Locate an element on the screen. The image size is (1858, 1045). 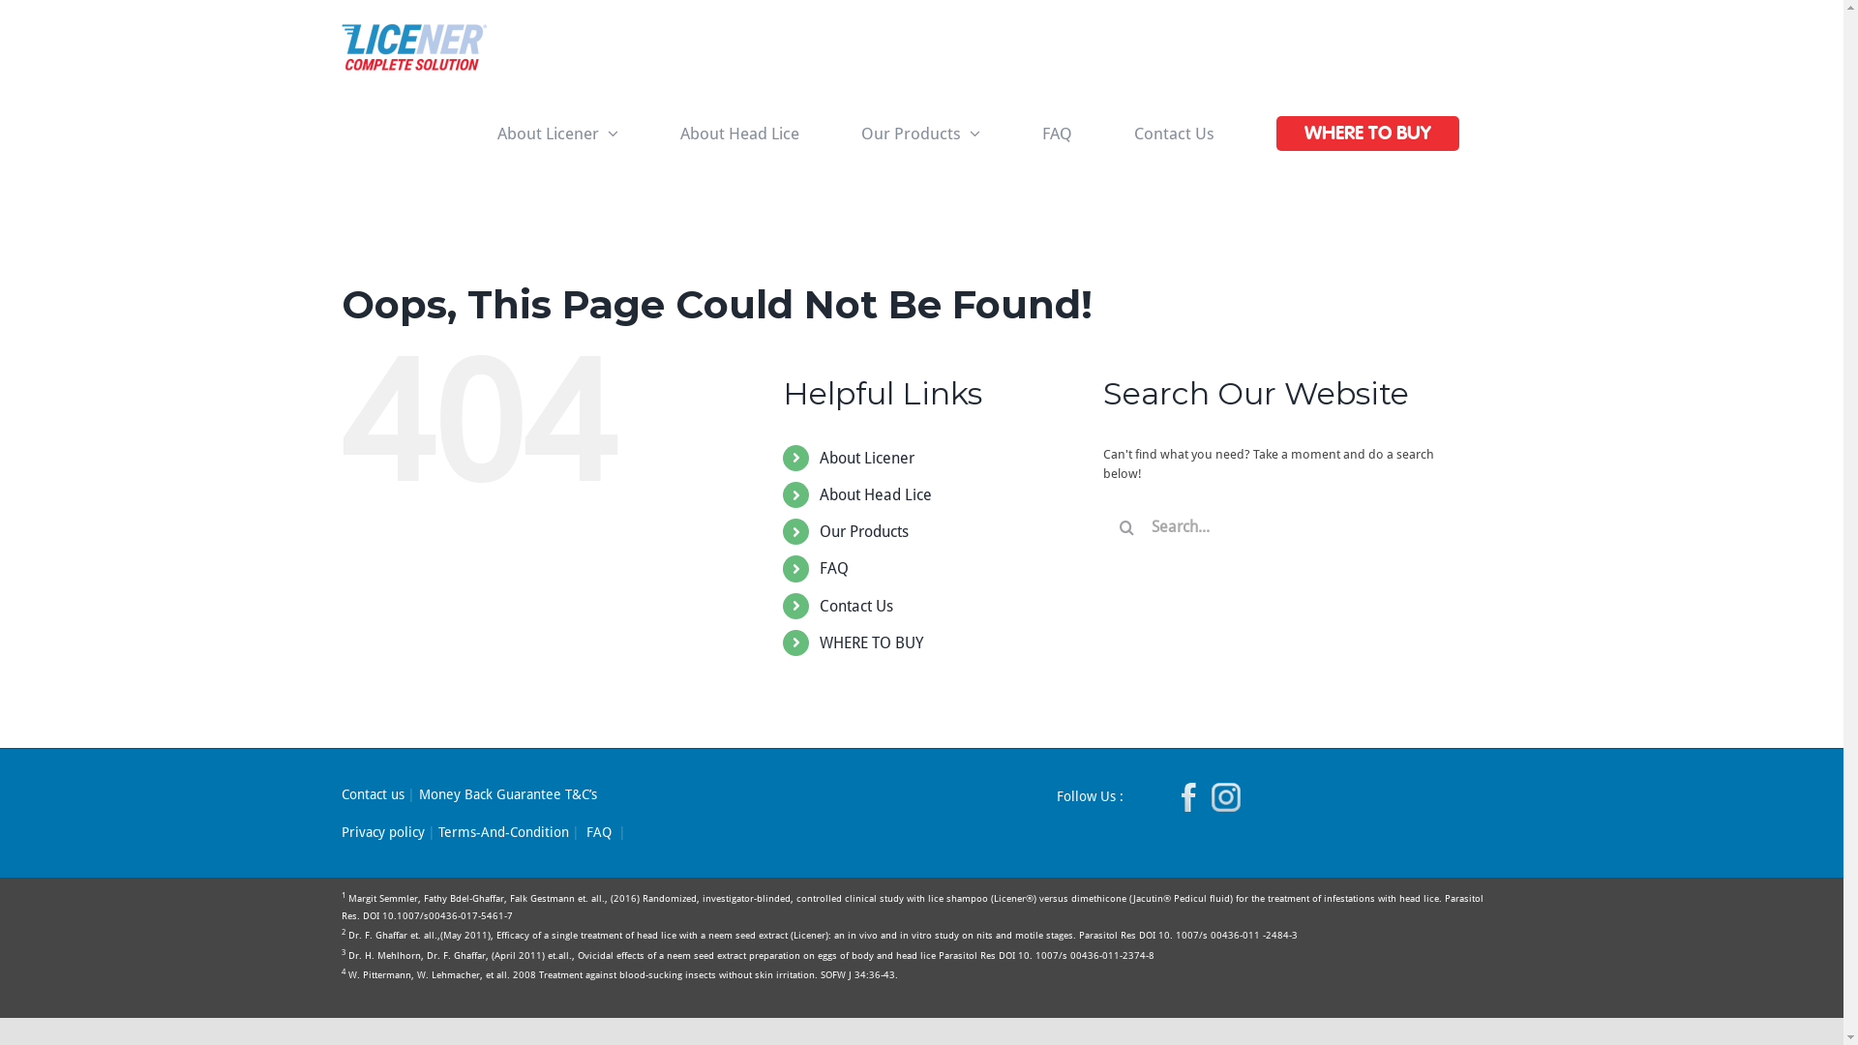
'FAQ' is located at coordinates (1022, 133).